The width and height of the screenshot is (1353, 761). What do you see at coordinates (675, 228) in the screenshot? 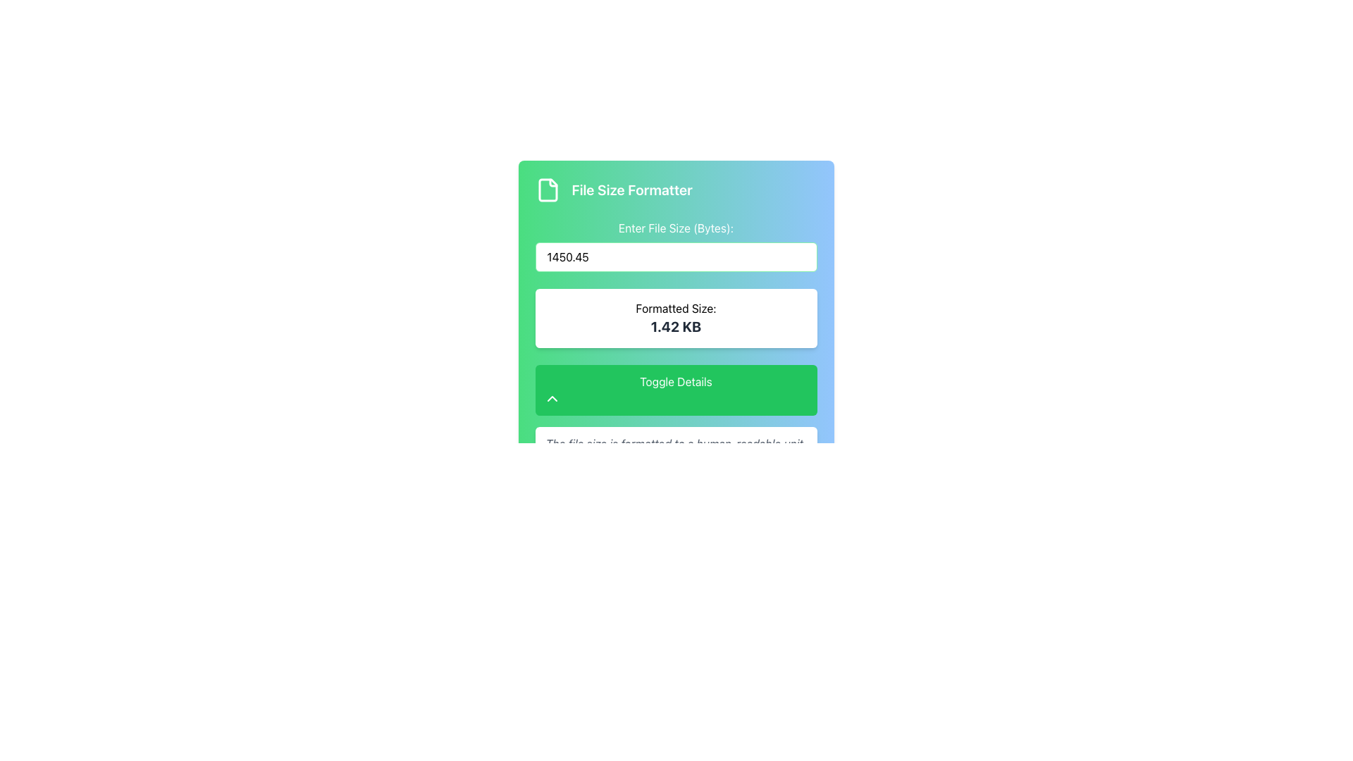
I see `the Text Label that informs the user about the file size input field, located below the title 'File Size Formatter'` at bounding box center [675, 228].